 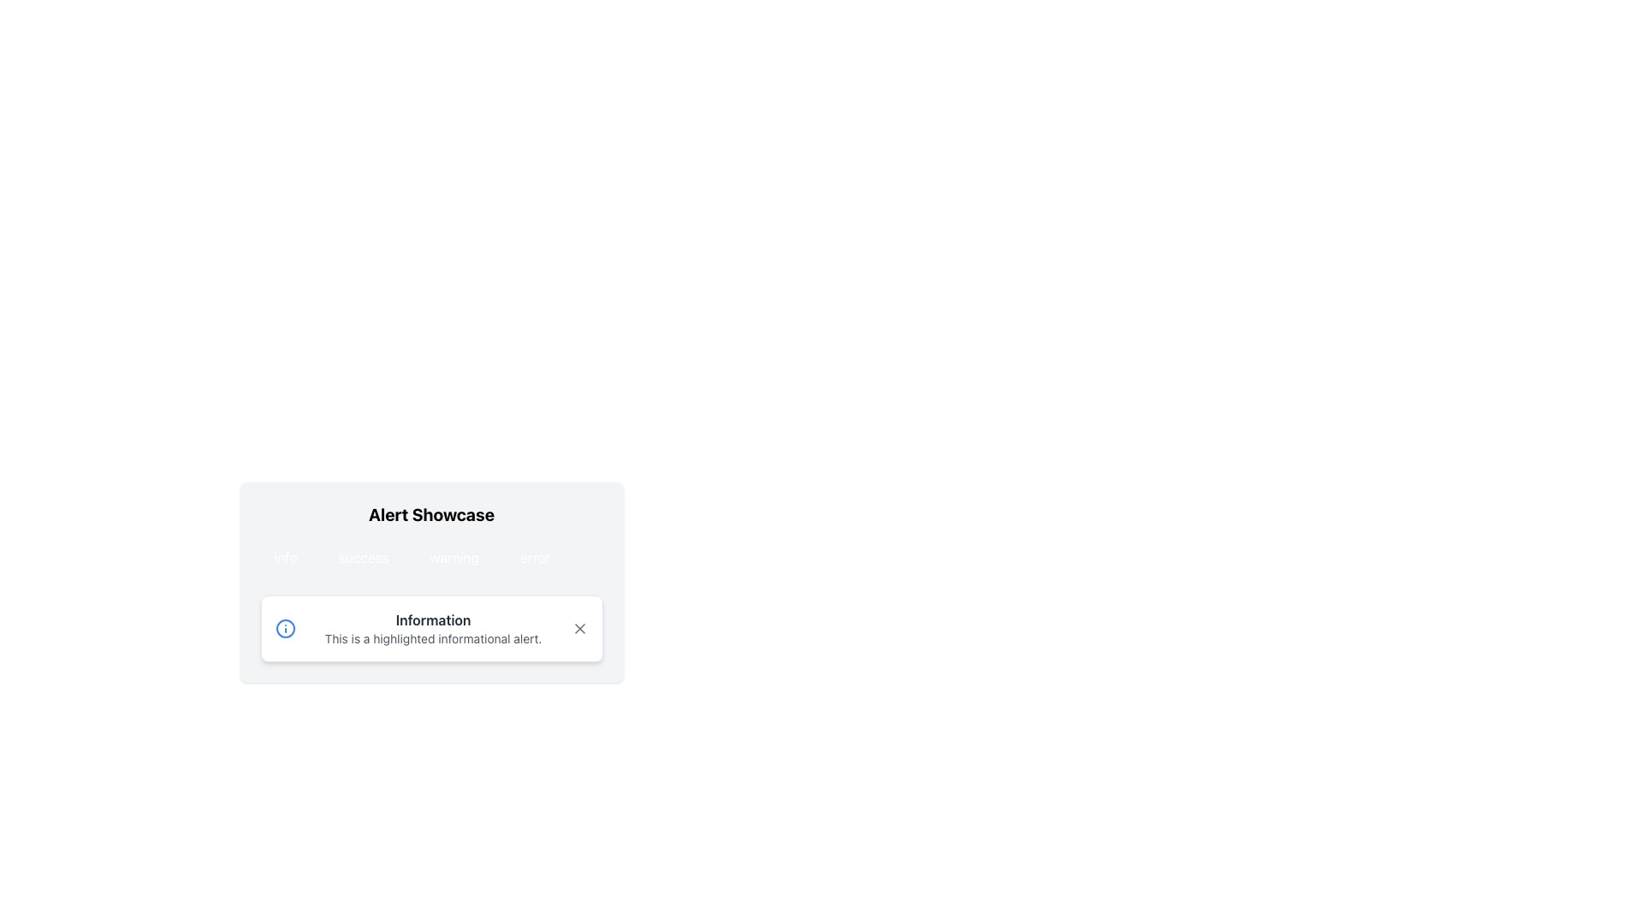 What do you see at coordinates (579, 629) in the screenshot?
I see `the close button, which is an 'X' icon located in the top-right corner of the 'Information' notification card` at bounding box center [579, 629].